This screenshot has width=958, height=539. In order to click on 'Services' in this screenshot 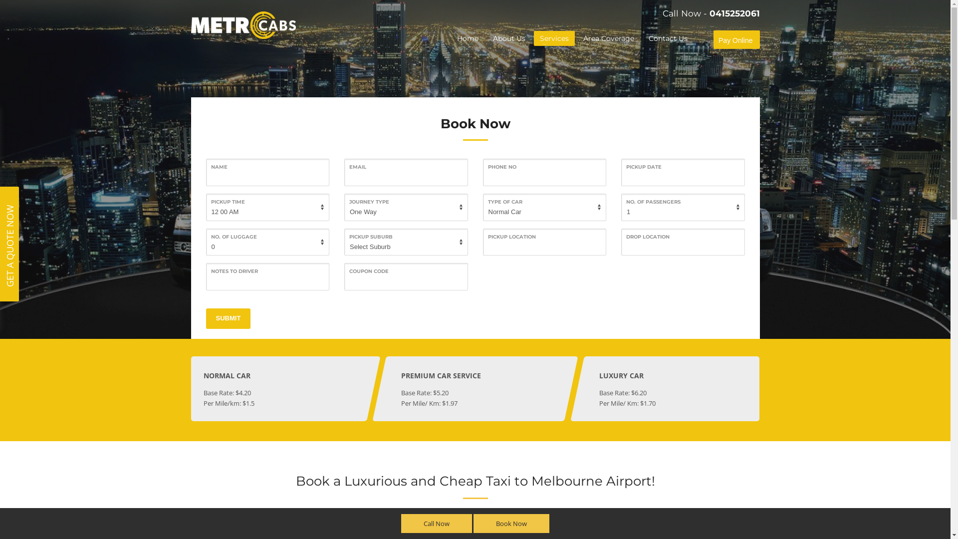, I will do `click(553, 38)`.